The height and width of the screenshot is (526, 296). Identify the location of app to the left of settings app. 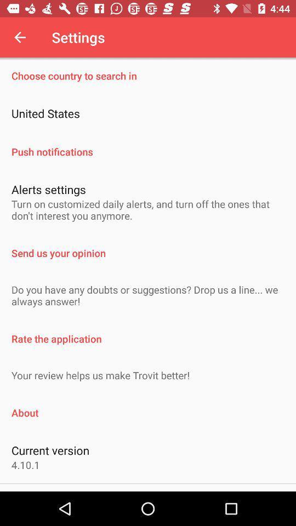
(20, 37).